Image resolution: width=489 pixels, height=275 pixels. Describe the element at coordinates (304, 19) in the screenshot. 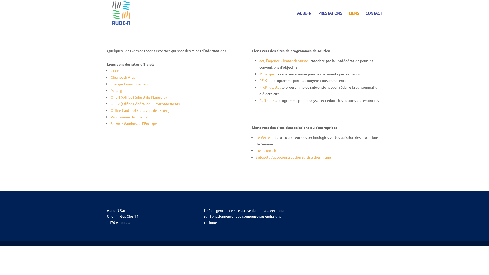

I see `'AUBE-N'` at that location.